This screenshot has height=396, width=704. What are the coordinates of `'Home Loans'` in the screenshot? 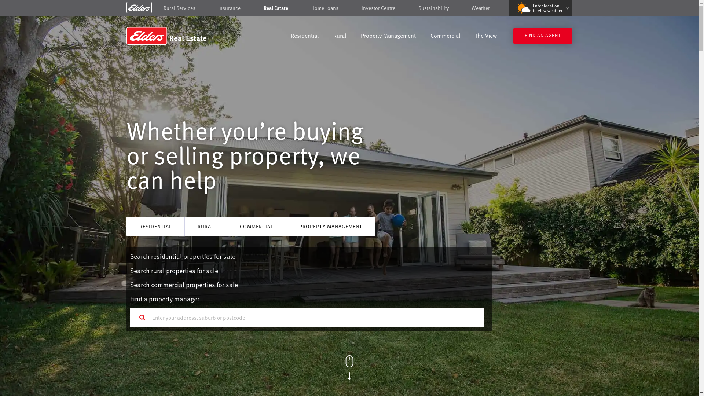 It's located at (324, 8).